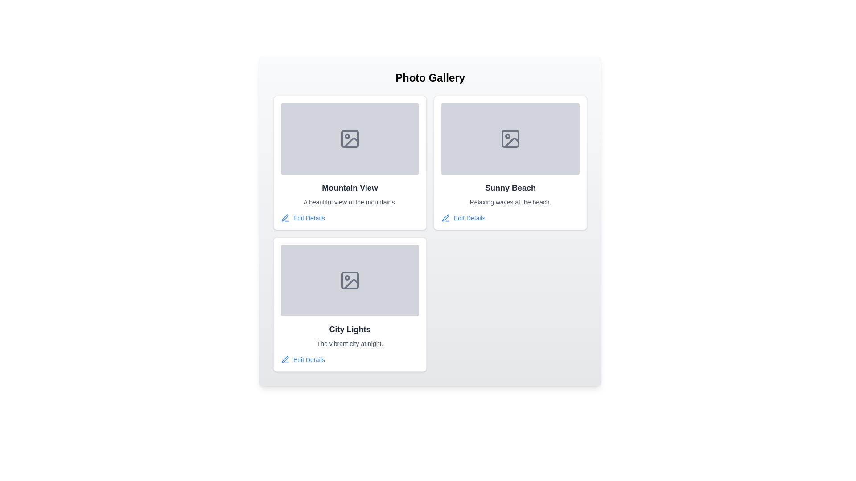  What do you see at coordinates (302, 218) in the screenshot?
I see `the 'Edit Details' button for the gallery item titled 'Mountain View'` at bounding box center [302, 218].